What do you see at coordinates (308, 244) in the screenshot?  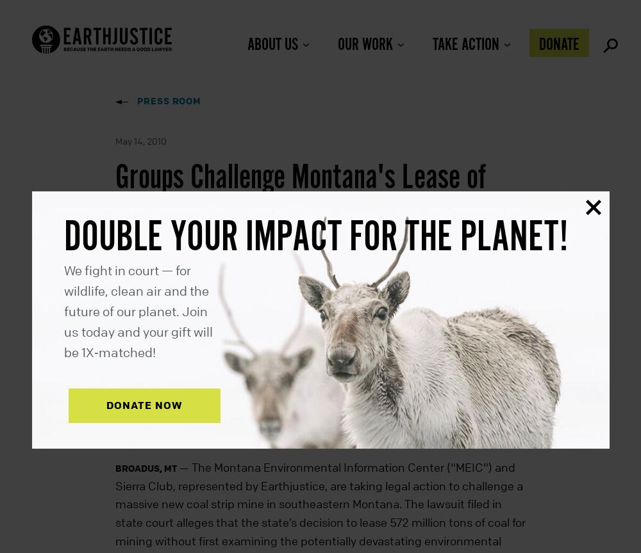 I see `'Otter Creek would become one of the largest coal mines in North America'` at bounding box center [308, 244].